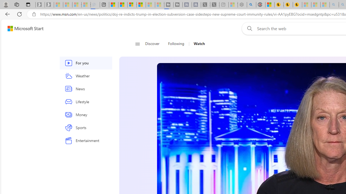  Describe the element at coordinates (49, 5) in the screenshot. I see `'Newsletter Sign Up - Sleeping'` at that location.